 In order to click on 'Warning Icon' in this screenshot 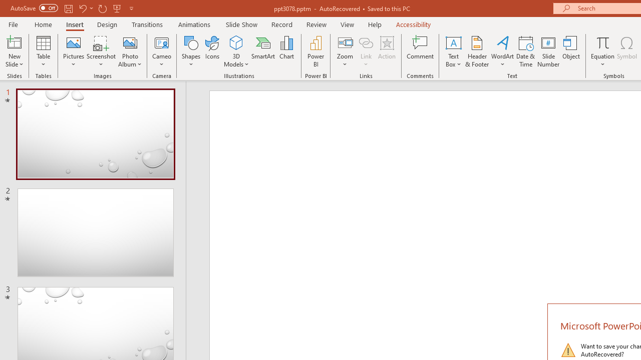, I will do `click(568, 349)`.